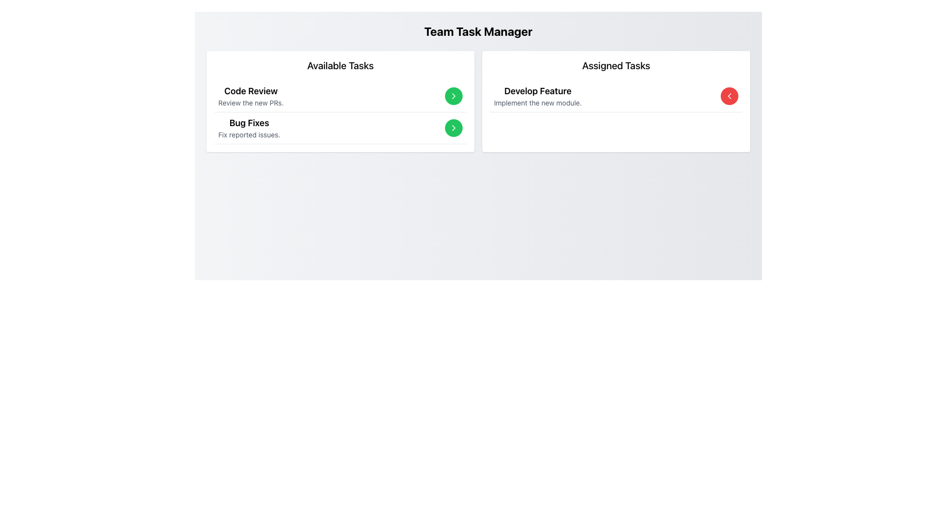  I want to click on the Text Label that provides supplementary information for the 'Code Review' item, located below the 'Code Review' title in the 'Available Tasks' section on the left side of the interface, so click(251, 103).